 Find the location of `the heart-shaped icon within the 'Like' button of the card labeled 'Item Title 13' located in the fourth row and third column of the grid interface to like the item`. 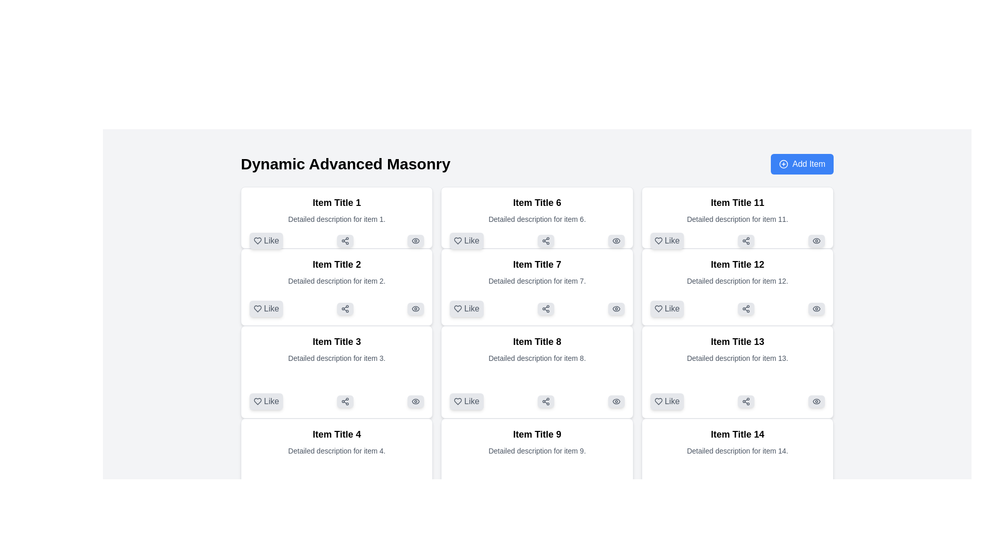

the heart-shaped icon within the 'Like' button of the card labeled 'Item Title 13' located in the fourth row and third column of the grid interface to like the item is located at coordinates (658, 401).